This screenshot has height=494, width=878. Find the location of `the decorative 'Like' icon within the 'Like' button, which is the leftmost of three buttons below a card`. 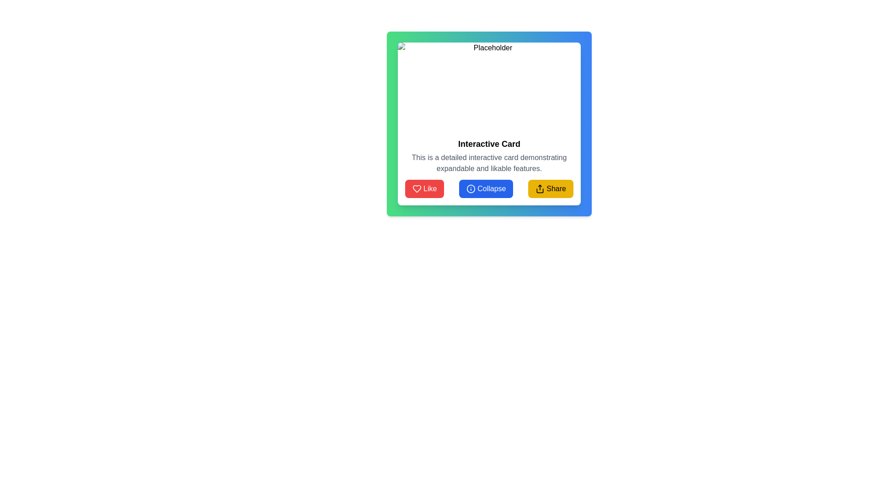

the decorative 'Like' icon within the 'Like' button, which is the leftmost of three buttons below a card is located at coordinates (417, 188).